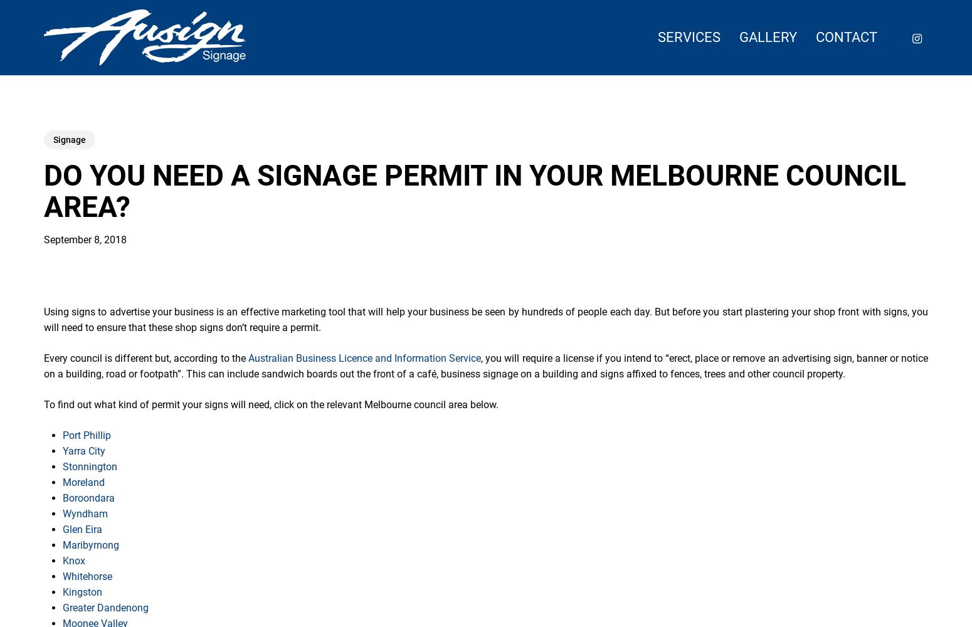  I want to click on 'Australian Business Licence and Information Service', so click(247, 357).